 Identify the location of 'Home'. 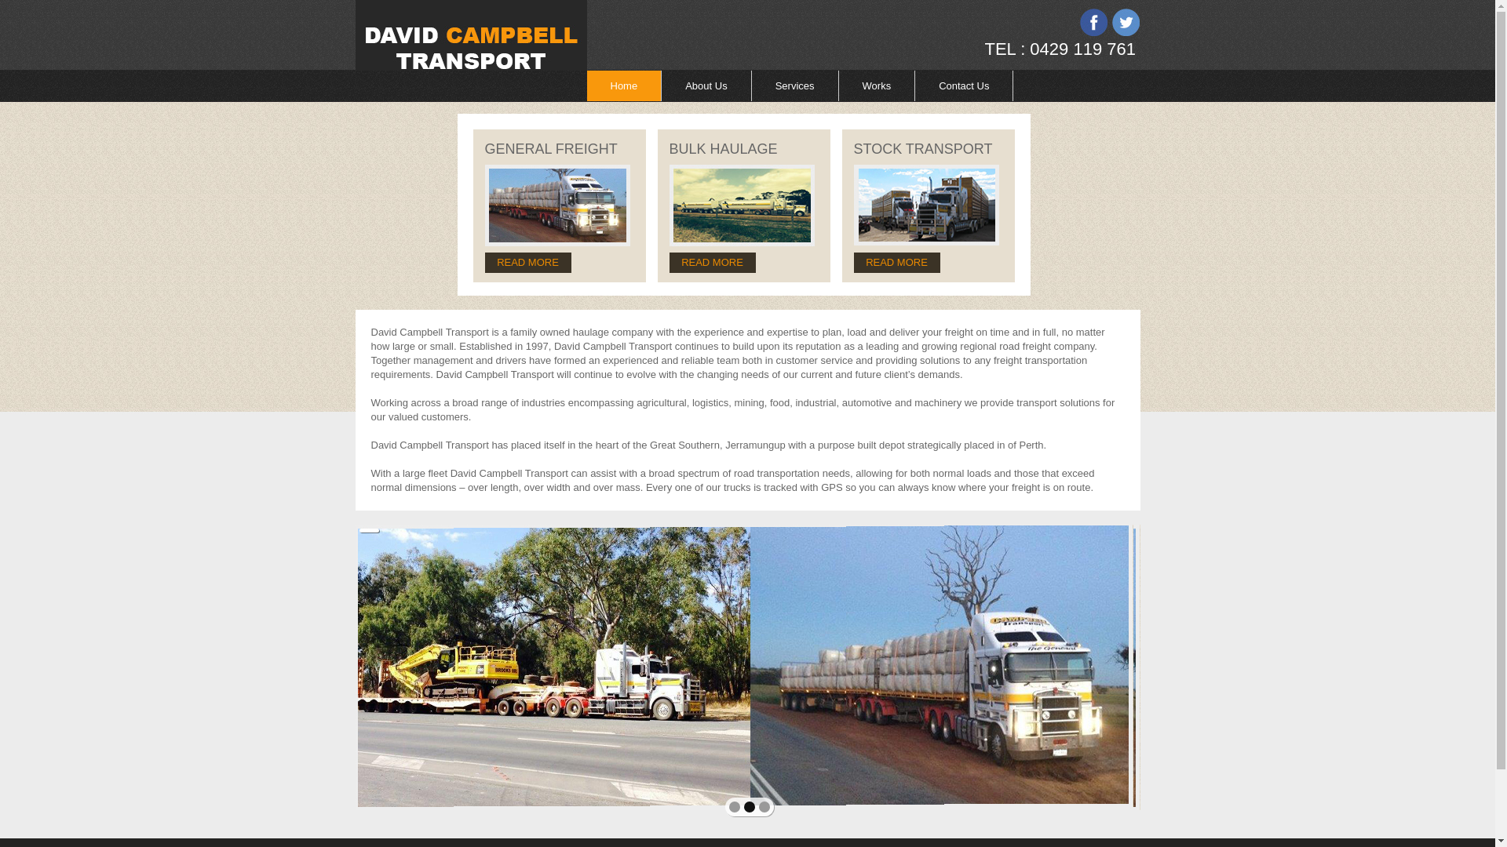
(586, 85).